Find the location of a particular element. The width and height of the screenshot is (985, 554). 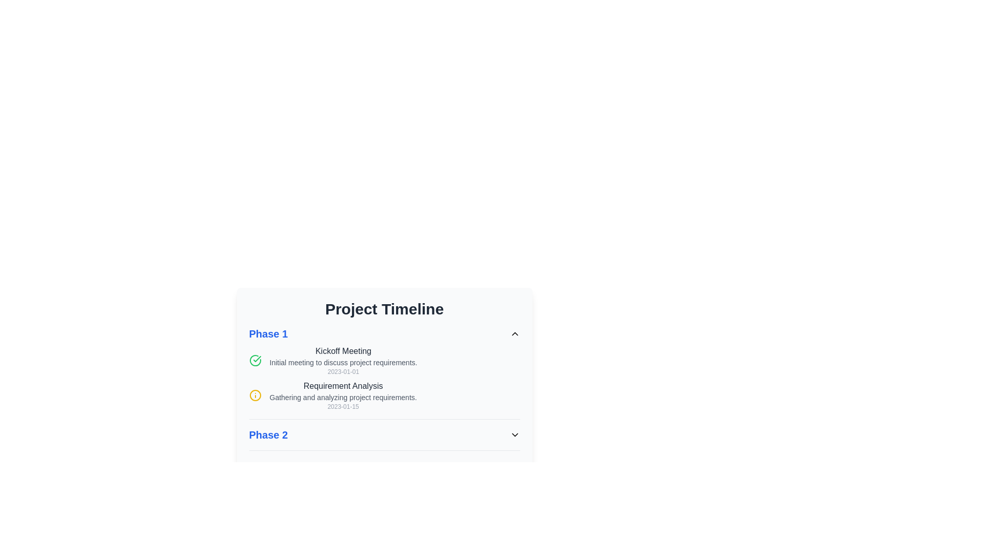

the 'Kickoff Meeting' text label, which is a bold, medium-sized text in dark gray color located above the descriptive text in the 'Phase 1' section of the 'Project Timeline' is located at coordinates (343, 351).